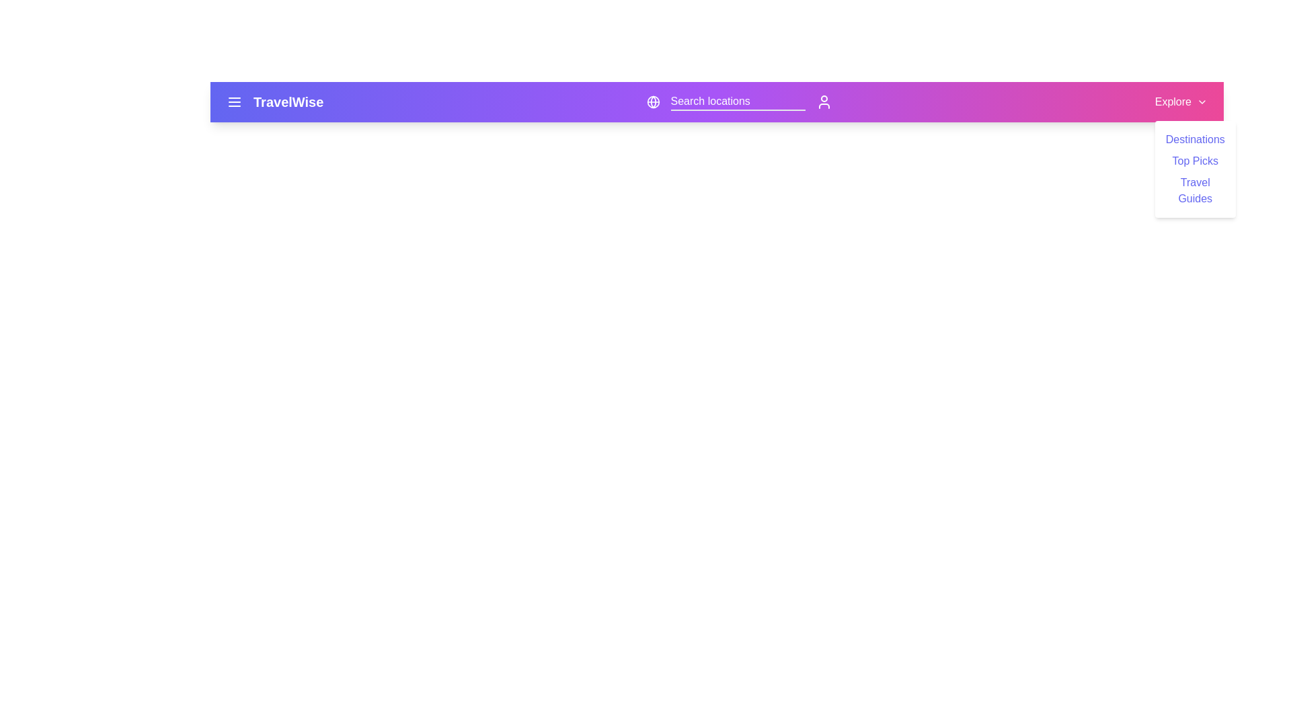 This screenshot has height=726, width=1291. I want to click on the user icon to open the user options, so click(823, 101).